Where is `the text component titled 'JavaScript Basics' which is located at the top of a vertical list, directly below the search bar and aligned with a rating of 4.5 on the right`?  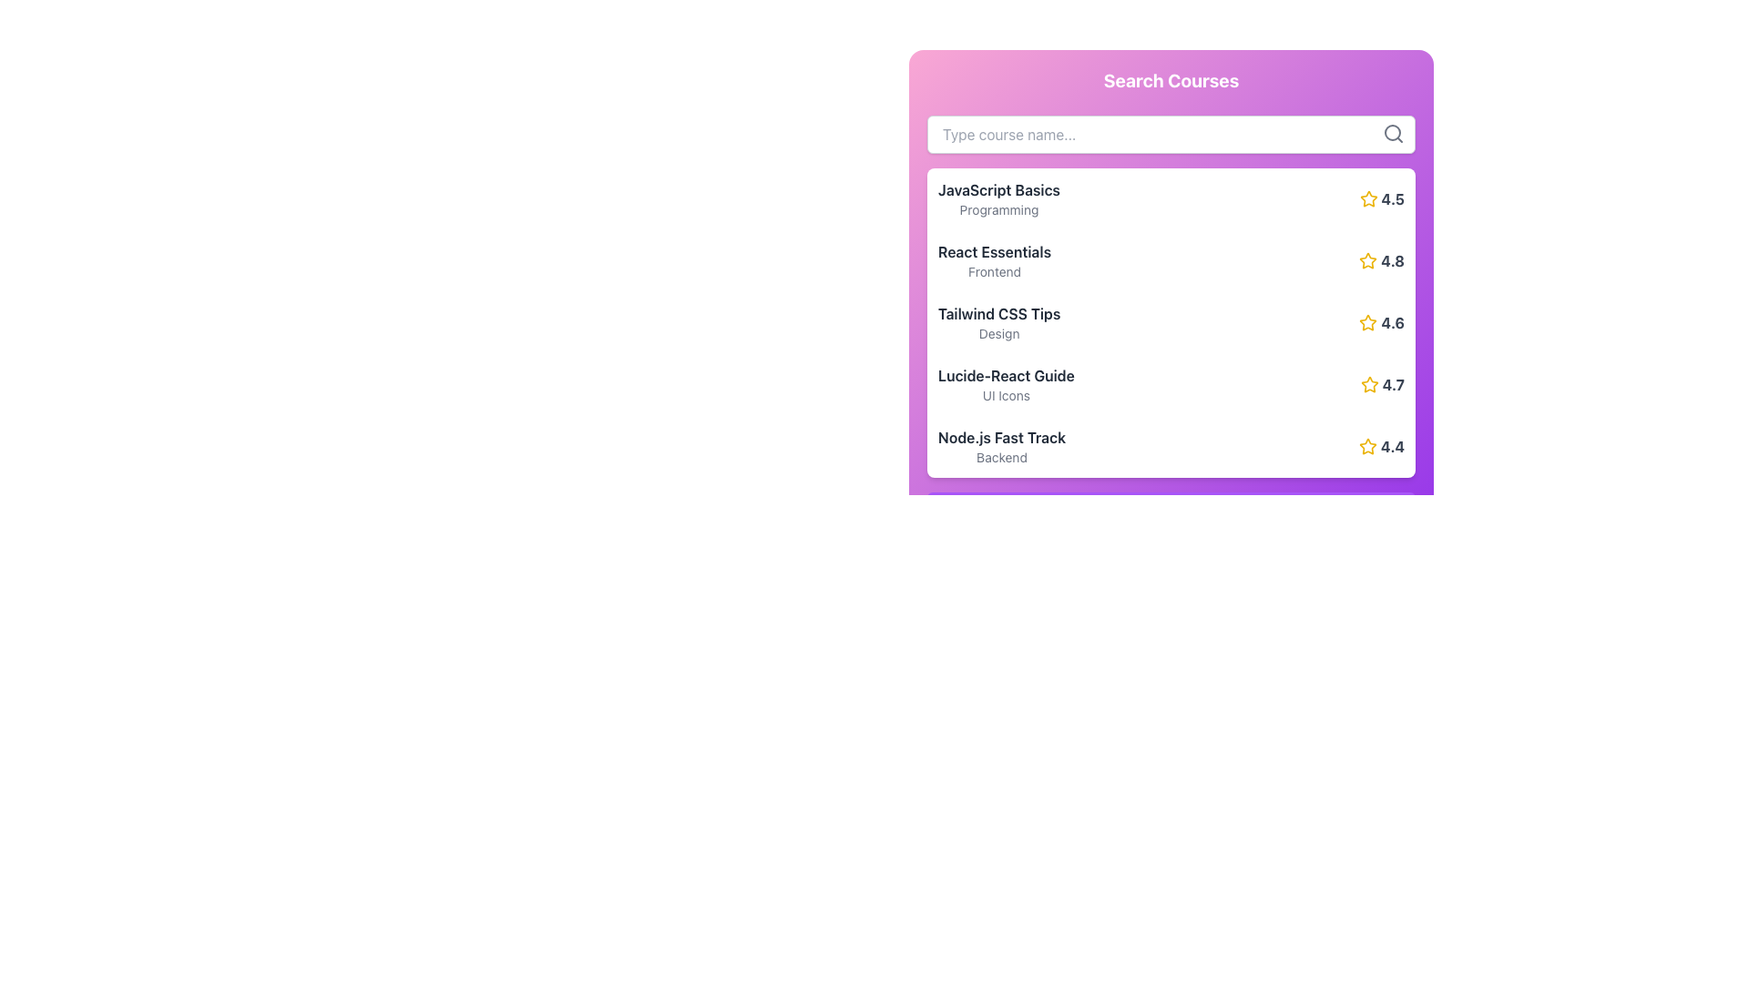 the text component titled 'JavaScript Basics' which is located at the top of a vertical list, directly below the search bar and aligned with a rating of 4.5 on the right is located at coordinates (998, 199).